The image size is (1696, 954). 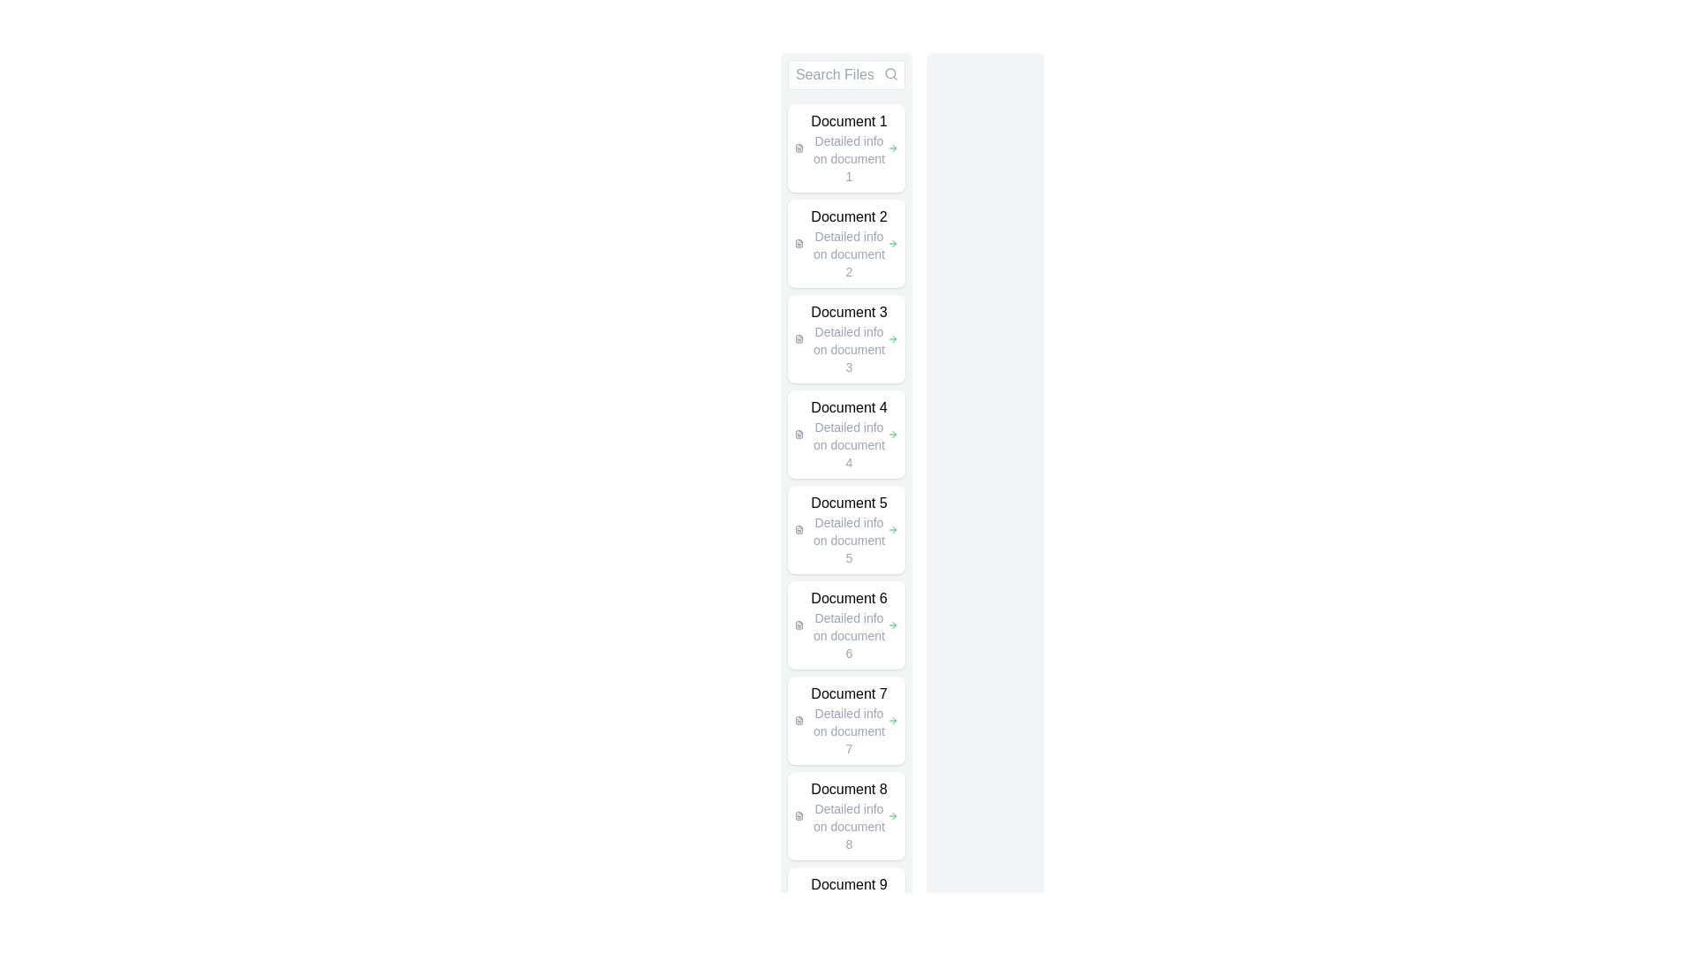 What do you see at coordinates (798, 339) in the screenshot?
I see `the icon representing 'Document 3', which is located to the left of the text 'Document 3' in the document list` at bounding box center [798, 339].